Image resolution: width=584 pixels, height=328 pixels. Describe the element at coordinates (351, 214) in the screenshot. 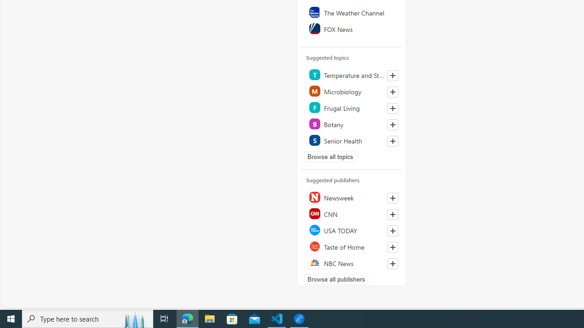

I see `'CNN'` at that location.